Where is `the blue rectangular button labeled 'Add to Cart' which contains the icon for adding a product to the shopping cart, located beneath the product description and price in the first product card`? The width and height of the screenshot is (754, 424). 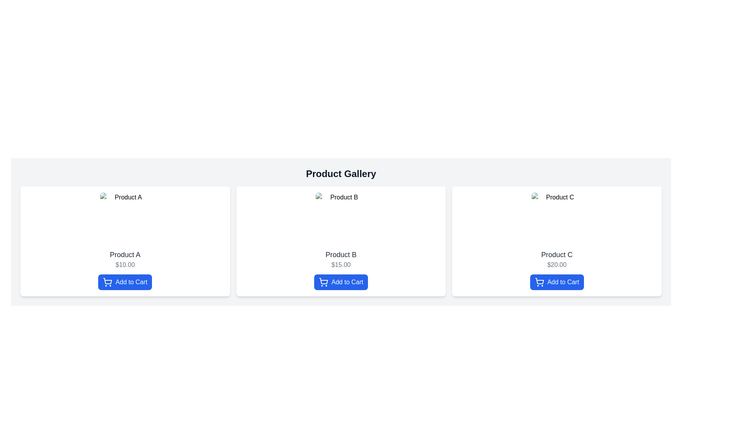
the blue rectangular button labeled 'Add to Cart' which contains the icon for adding a product to the shopping cart, located beneath the product description and price in the first product card is located at coordinates (107, 281).